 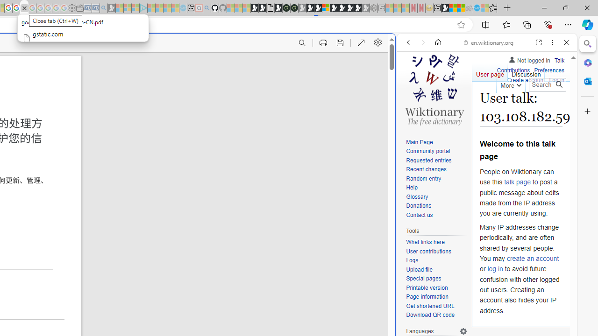 I want to click on 'World - MSN', so click(x=453, y=8).